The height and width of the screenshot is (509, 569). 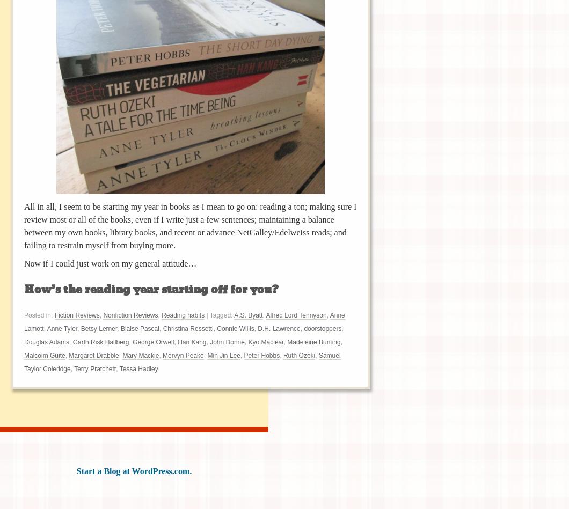 What do you see at coordinates (47, 341) in the screenshot?
I see `'Douglas Adams'` at bounding box center [47, 341].